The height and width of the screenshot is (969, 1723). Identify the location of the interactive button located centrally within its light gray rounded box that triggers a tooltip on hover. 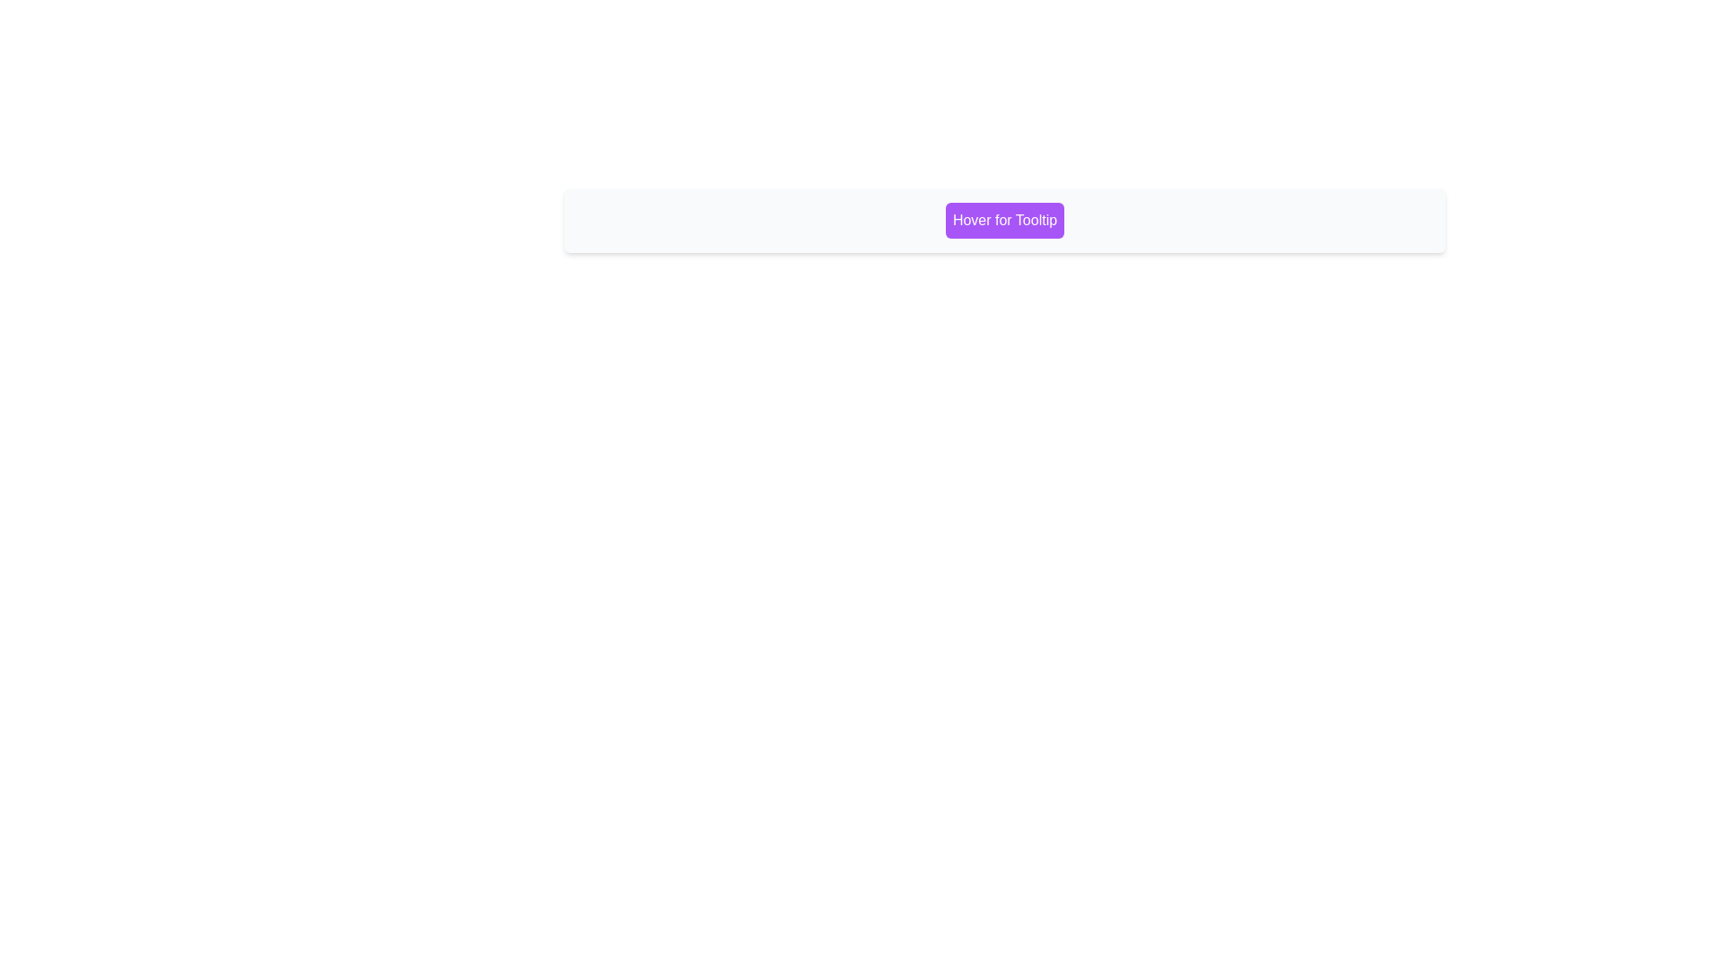
(1002, 220).